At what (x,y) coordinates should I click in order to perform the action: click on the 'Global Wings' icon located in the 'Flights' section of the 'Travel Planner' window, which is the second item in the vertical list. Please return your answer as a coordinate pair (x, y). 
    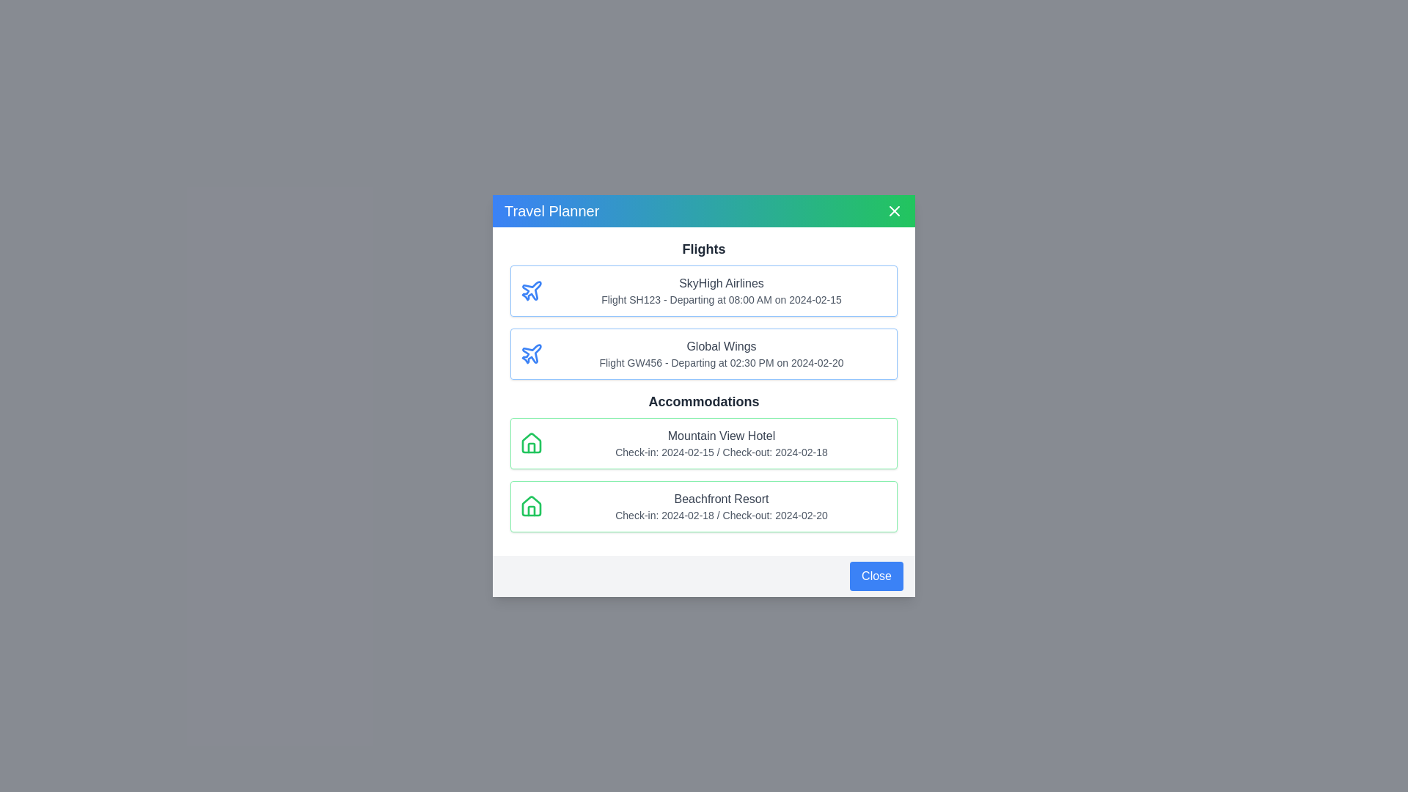
    Looking at the image, I should click on (531, 290).